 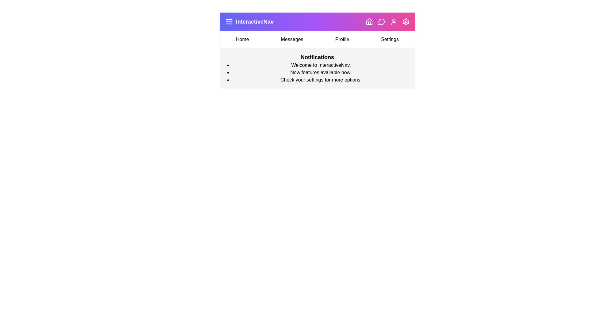 I want to click on the menu item Settings to navigate to the respective section, so click(x=390, y=39).